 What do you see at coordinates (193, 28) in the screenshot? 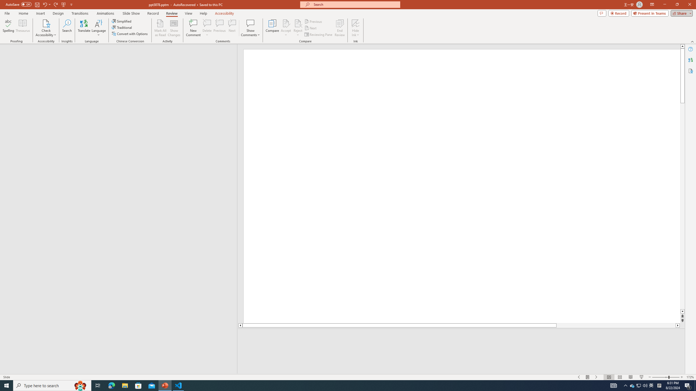
I see `'New Comment'` at bounding box center [193, 28].